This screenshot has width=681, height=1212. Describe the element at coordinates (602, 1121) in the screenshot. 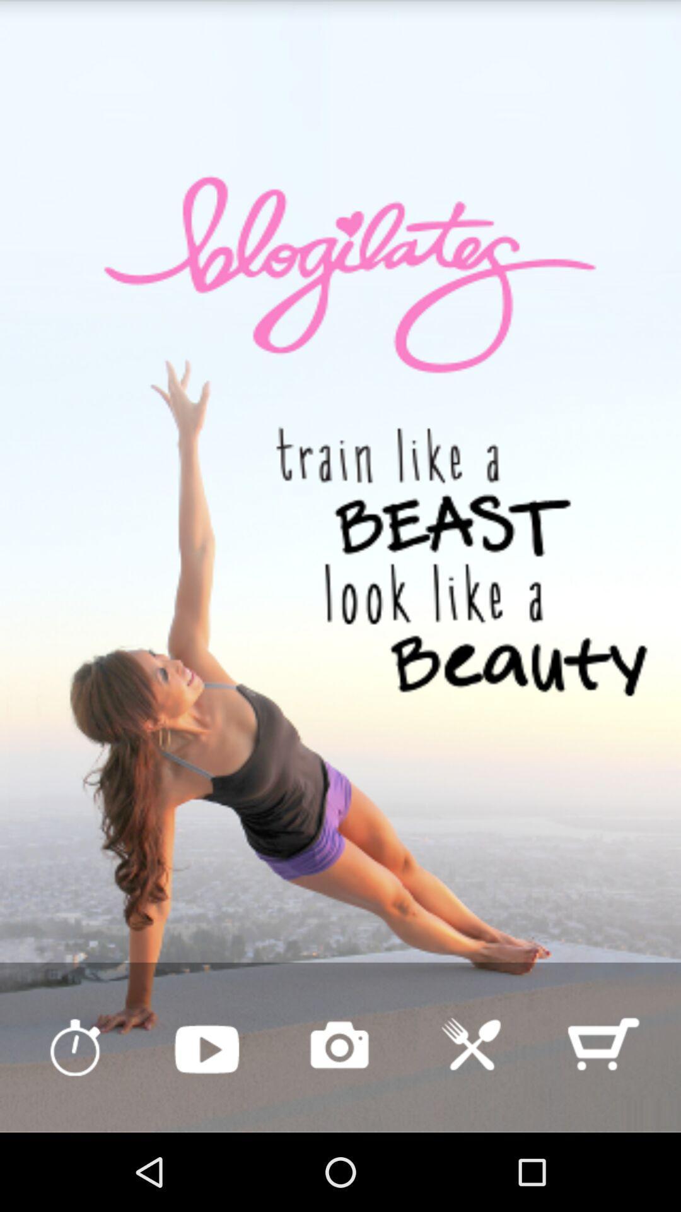

I see `the cart icon` at that location.